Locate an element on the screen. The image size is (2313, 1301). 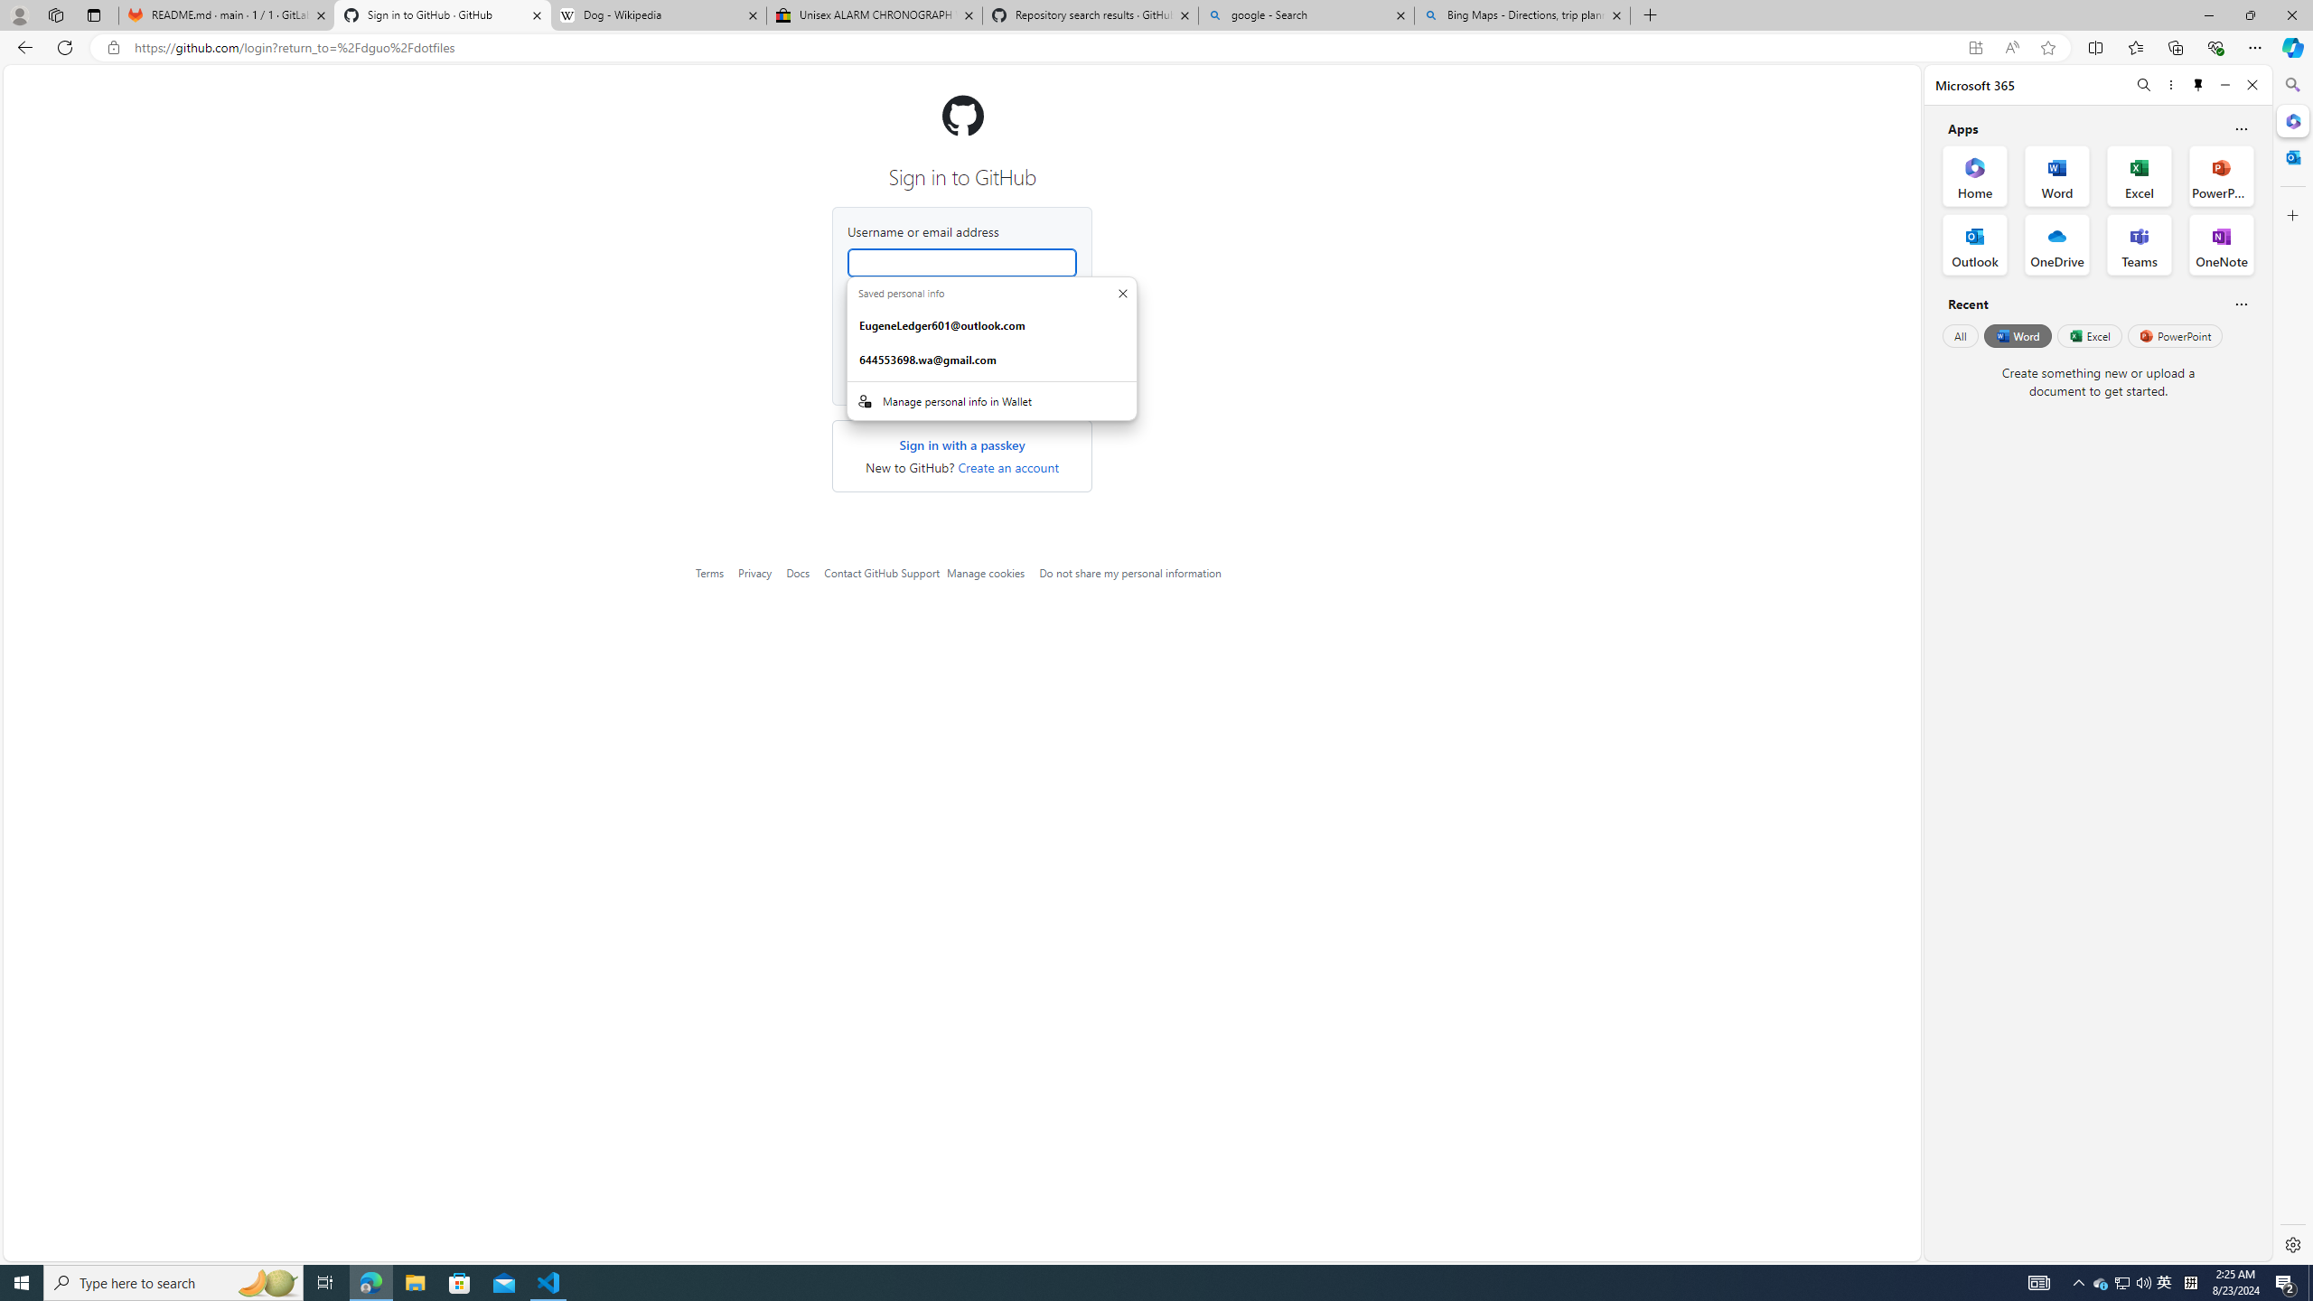
'google - Search' is located at coordinates (1306, 14).